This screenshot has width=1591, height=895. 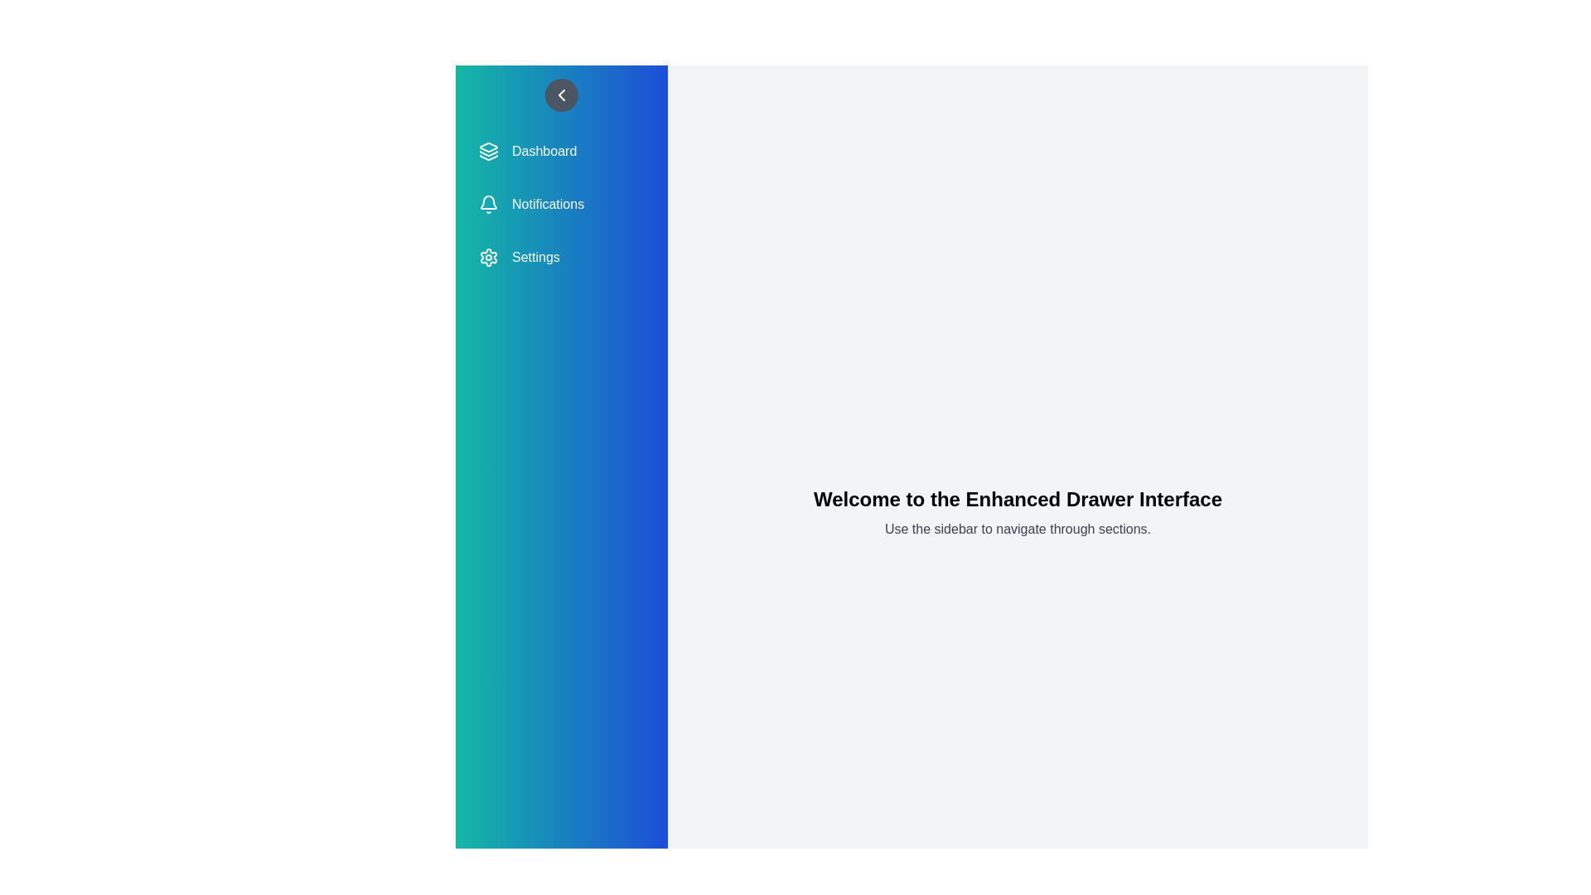 I want to click on the menu item Settings from the sidebar, so click(x=561, y=258).